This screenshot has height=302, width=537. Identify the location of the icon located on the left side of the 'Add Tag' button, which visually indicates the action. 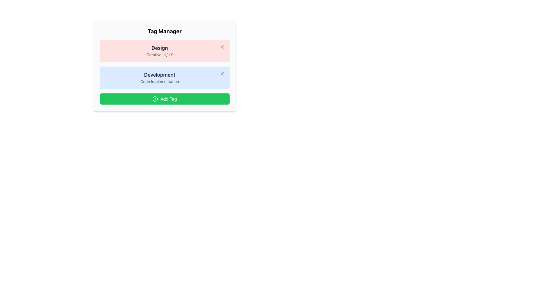
(155, 99).